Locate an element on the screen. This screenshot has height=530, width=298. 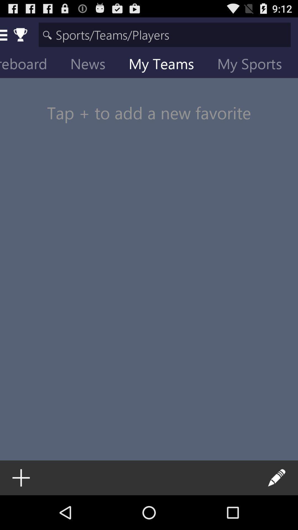
icon at the top right corner is located at coordinates (254, 65).